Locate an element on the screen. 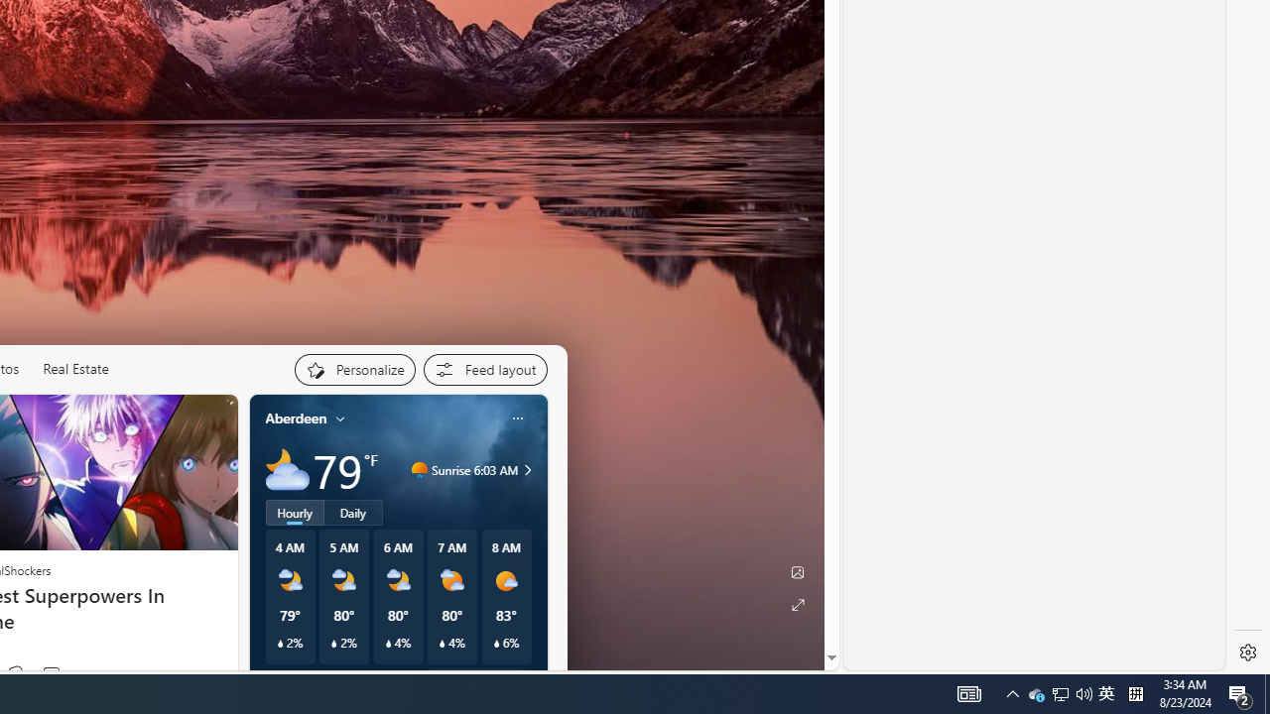 This screenshot has width=1270, height=714. 'My location' is located at coordinates (340, 416).